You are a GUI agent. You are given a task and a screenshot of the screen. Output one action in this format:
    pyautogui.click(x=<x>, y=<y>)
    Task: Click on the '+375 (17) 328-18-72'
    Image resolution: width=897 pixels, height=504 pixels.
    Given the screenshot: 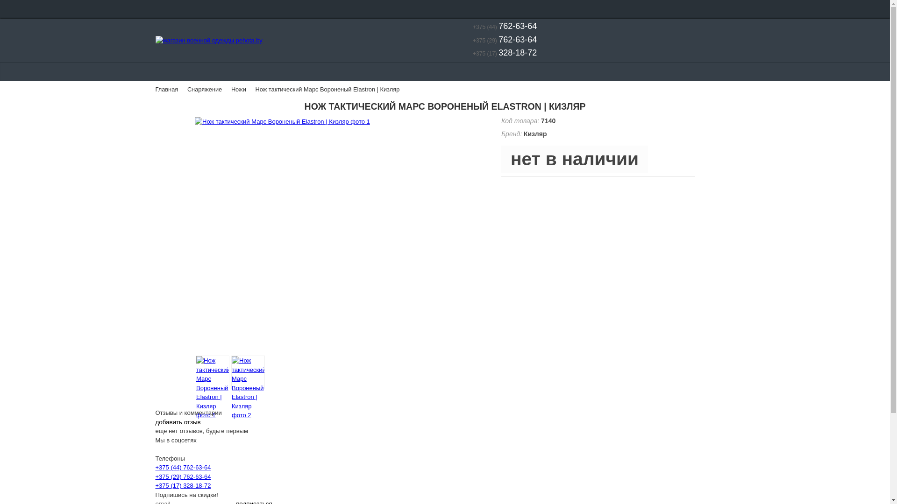 What is the action you would take?
    pyautogui.click(x=498, y=54)
    